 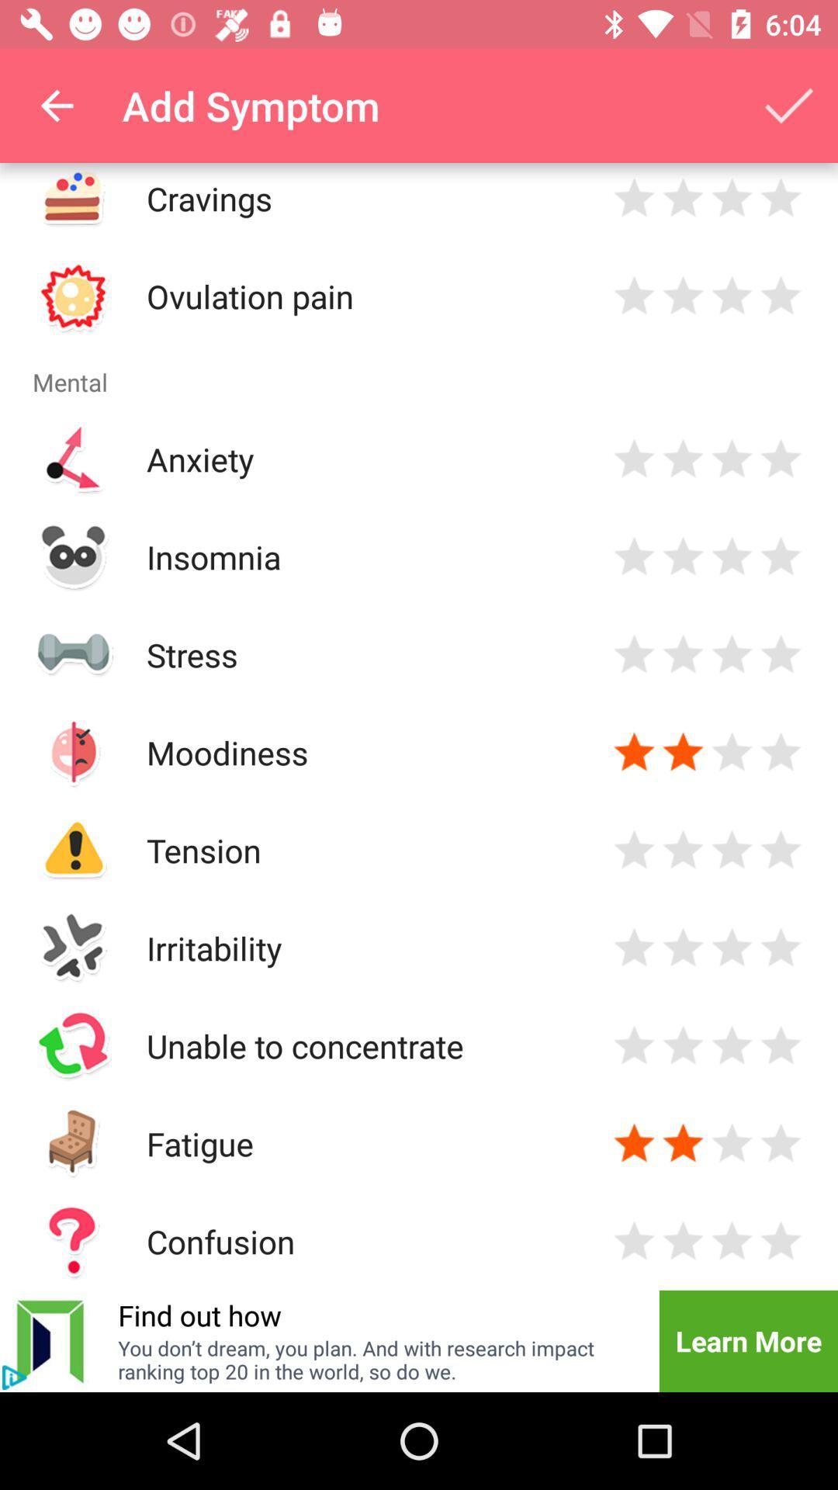 What do you see at coordinates (199, 1314) in the screenshot?
I see `item next to the learn more icon` at bounding box center [199, 1314].